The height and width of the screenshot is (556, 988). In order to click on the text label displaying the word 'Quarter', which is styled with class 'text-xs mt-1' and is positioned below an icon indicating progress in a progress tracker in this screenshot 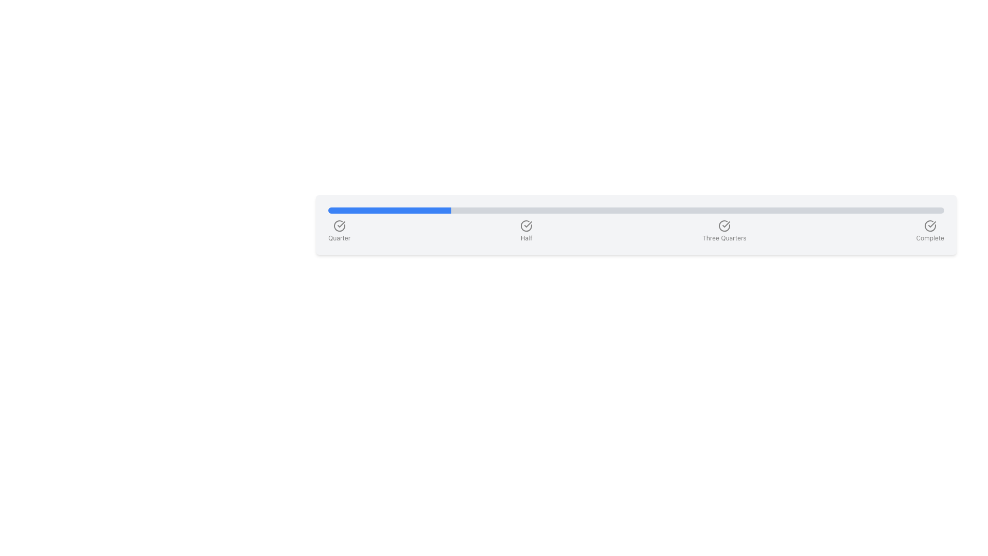, I will do `click(339, 238)`.